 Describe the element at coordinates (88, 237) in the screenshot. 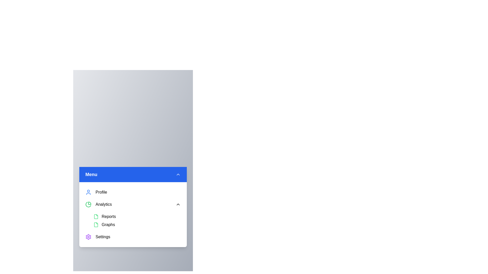

I see `the purple gear icon representing 'Settings', located to the left of the 'Settings' text label in the menu structure` at that location.